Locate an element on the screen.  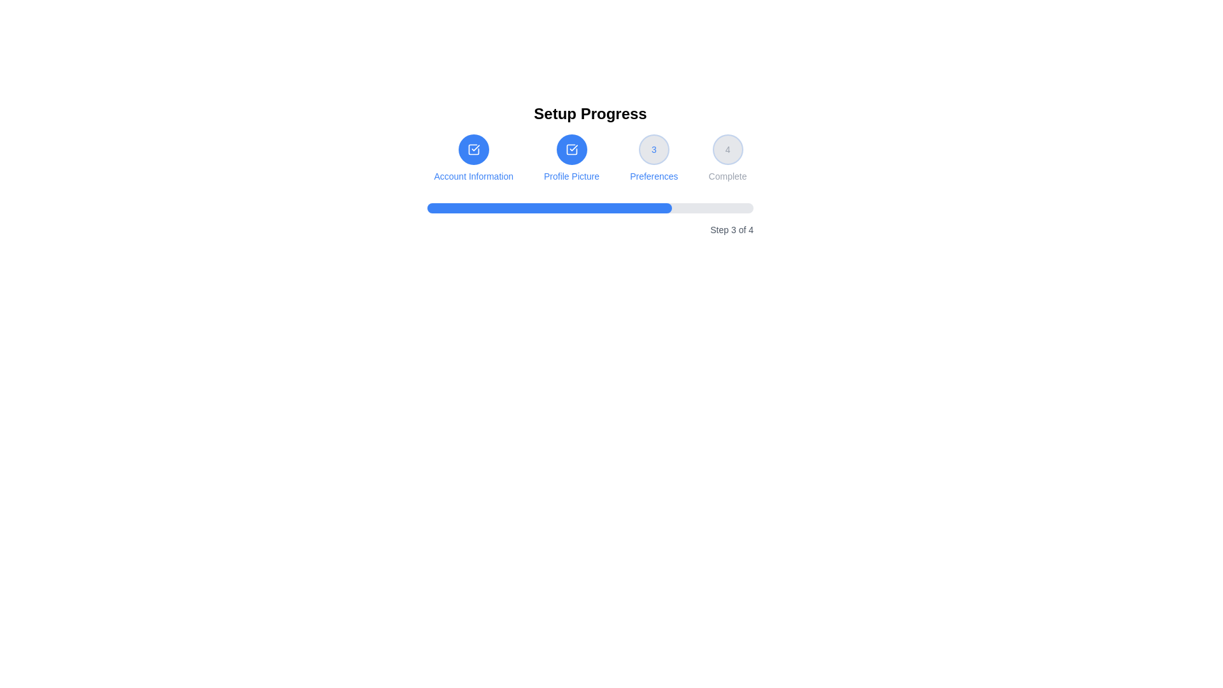
the circular icon with a checkmark inside a square, which is styled with a blue background and white icon, located in the 'Profile Picture' step of the setup progress interface is located at coordinates (571, 149).